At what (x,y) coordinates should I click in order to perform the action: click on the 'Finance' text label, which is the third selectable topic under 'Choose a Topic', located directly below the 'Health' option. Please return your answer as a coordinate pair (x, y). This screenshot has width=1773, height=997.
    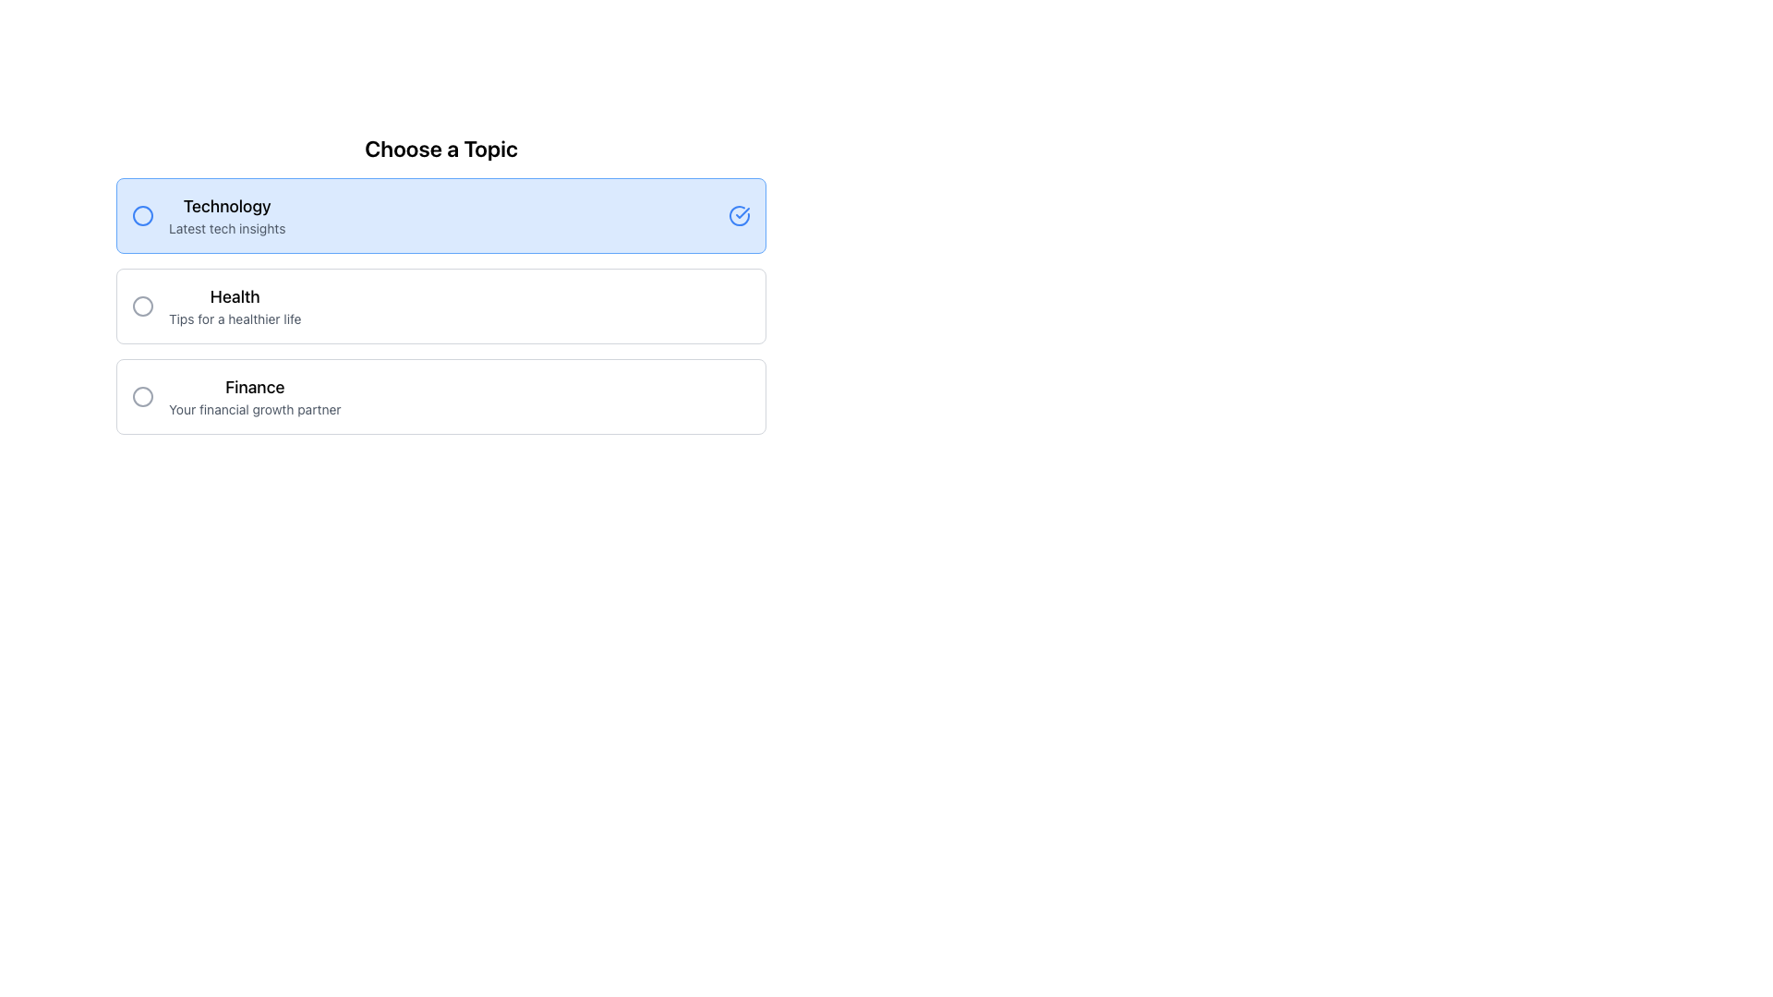
    Looking at the image, I should click on (254, 395).